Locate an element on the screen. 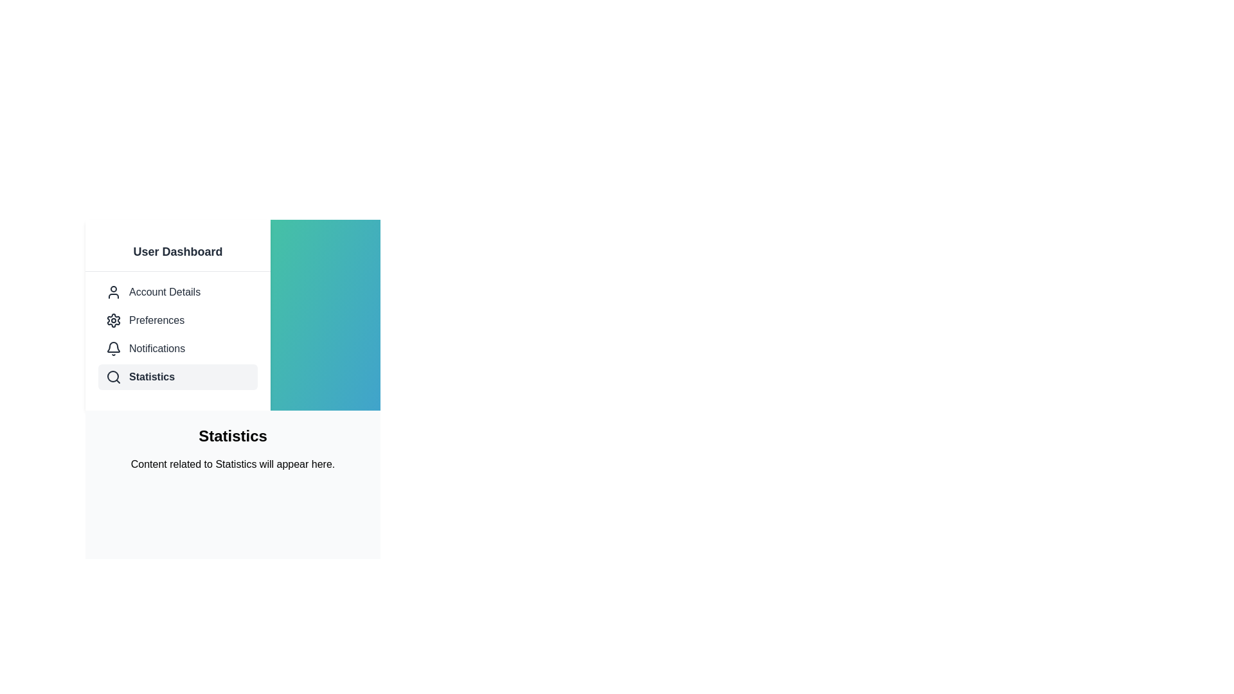 The height and width of the screenshot is (694, 1234). the circular graphic component that is part of the magnifying glass icon located under the 'User Dashboard' section is located at coordinates (113, 376).